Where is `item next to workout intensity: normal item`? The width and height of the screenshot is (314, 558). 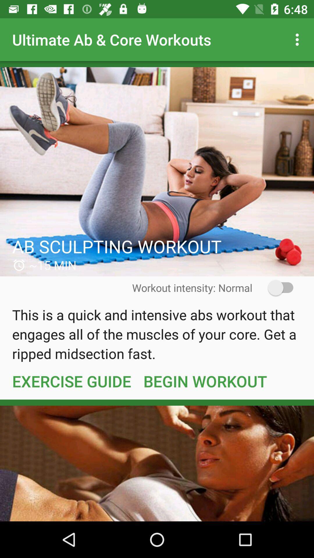 item next to workout intensity: normal item is located at coordinates (276, 288).